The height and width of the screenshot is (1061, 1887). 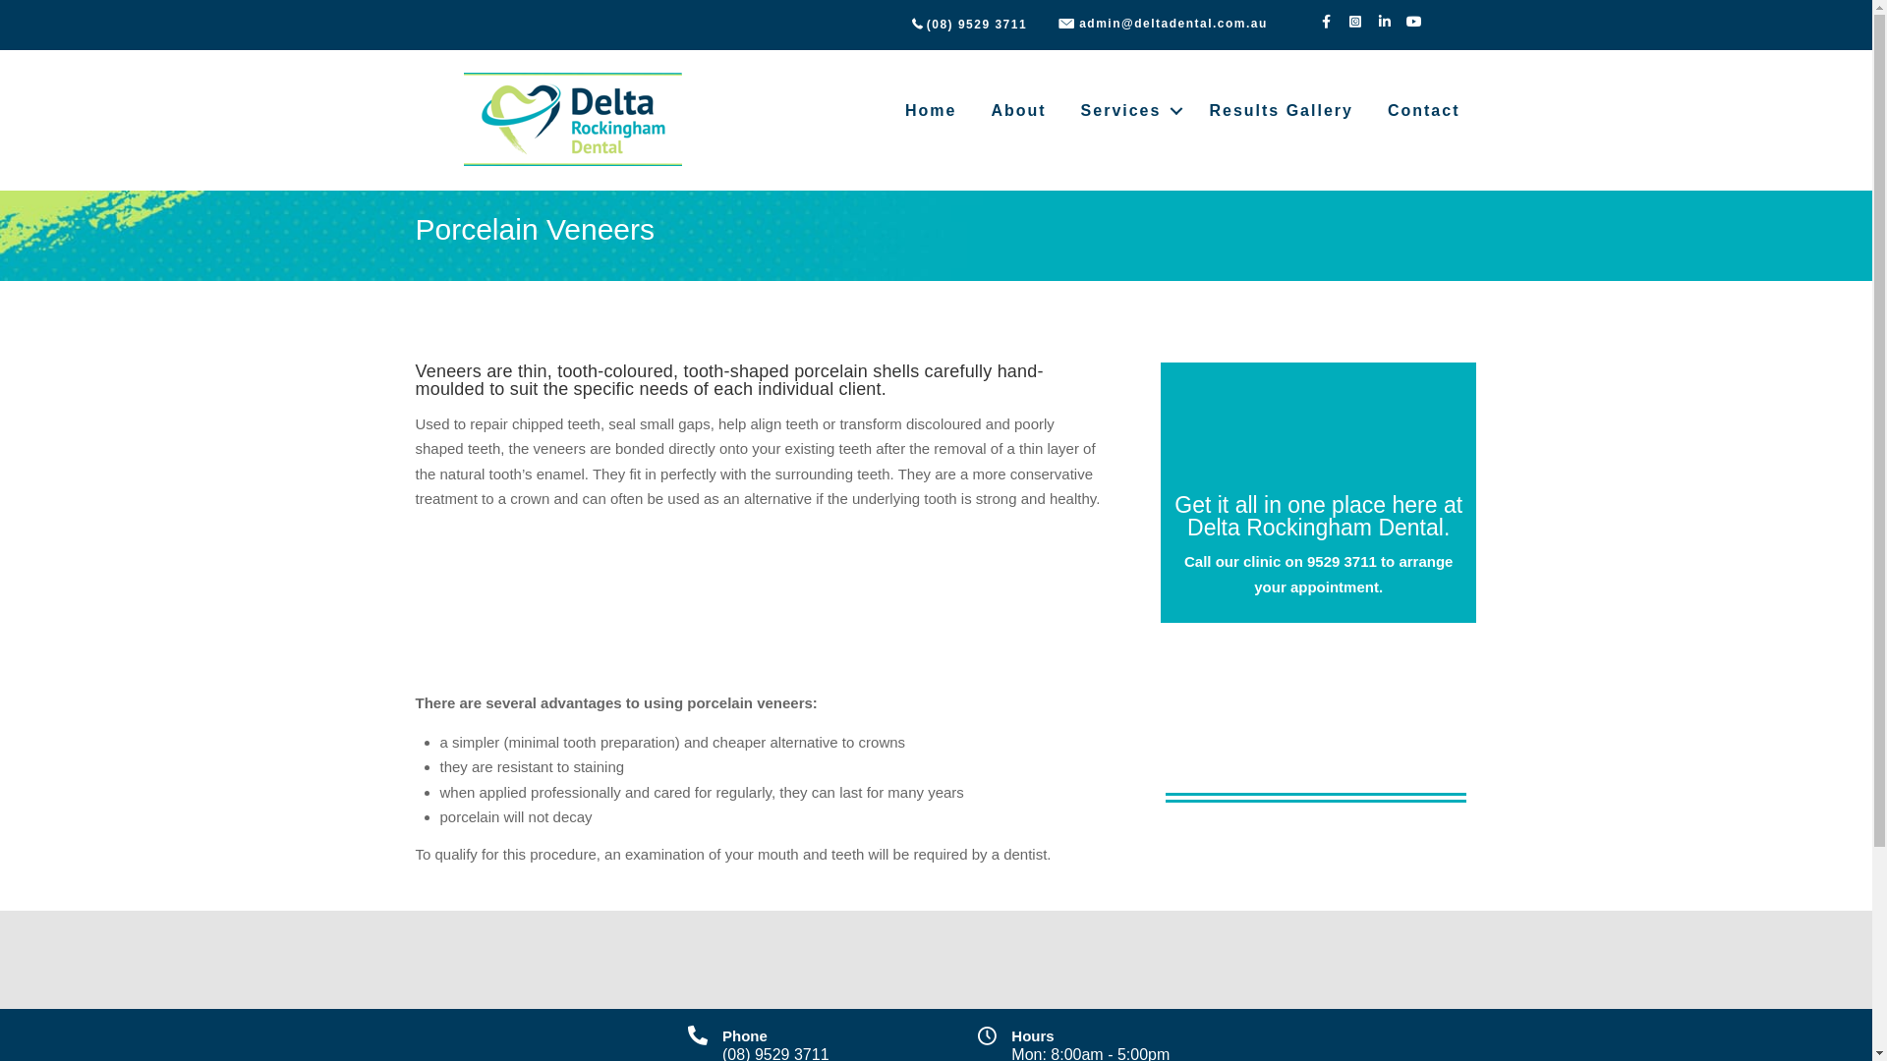 I want to click on 'Contact', so click(x=1424, y=110).